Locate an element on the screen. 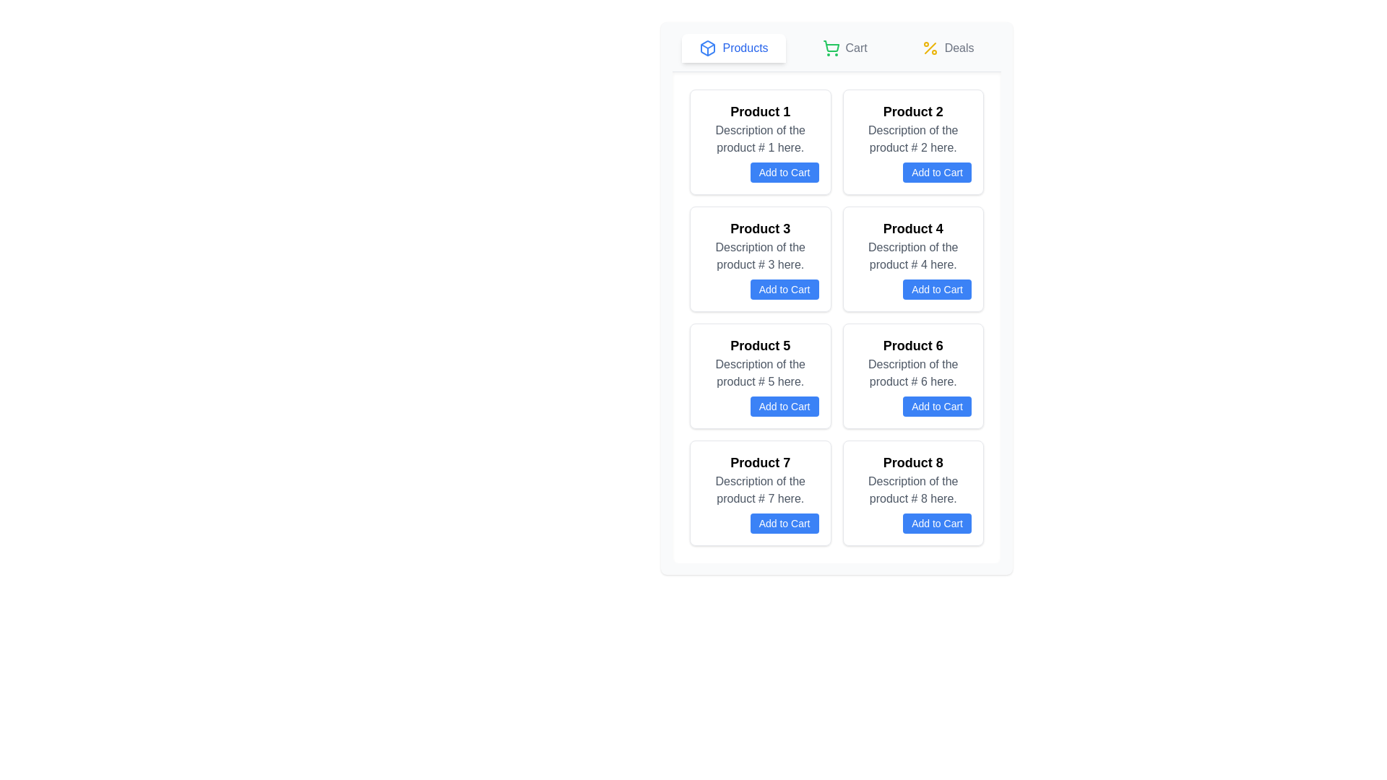 The image size is (1387, 780). the 'Products' Navigation Tab, which is the first tab in the horizontal navigation bar is located at coordinates (734, 47).